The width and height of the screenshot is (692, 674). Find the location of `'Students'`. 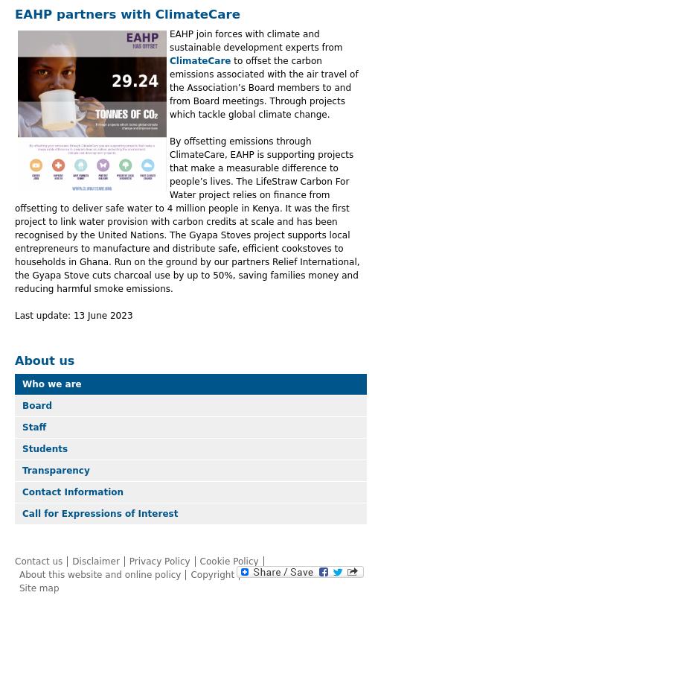

'Students' is located at coordinates (22, 448).